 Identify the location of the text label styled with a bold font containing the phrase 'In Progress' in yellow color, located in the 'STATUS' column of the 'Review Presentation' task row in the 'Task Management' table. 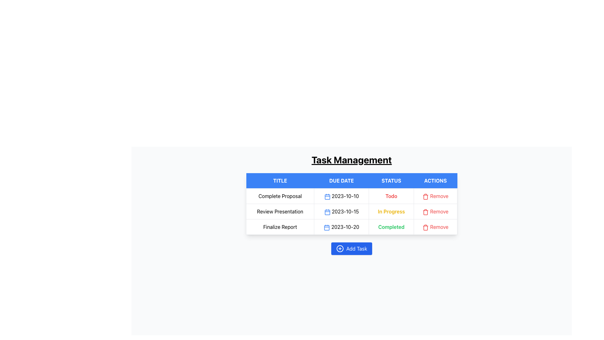
(391, 211).